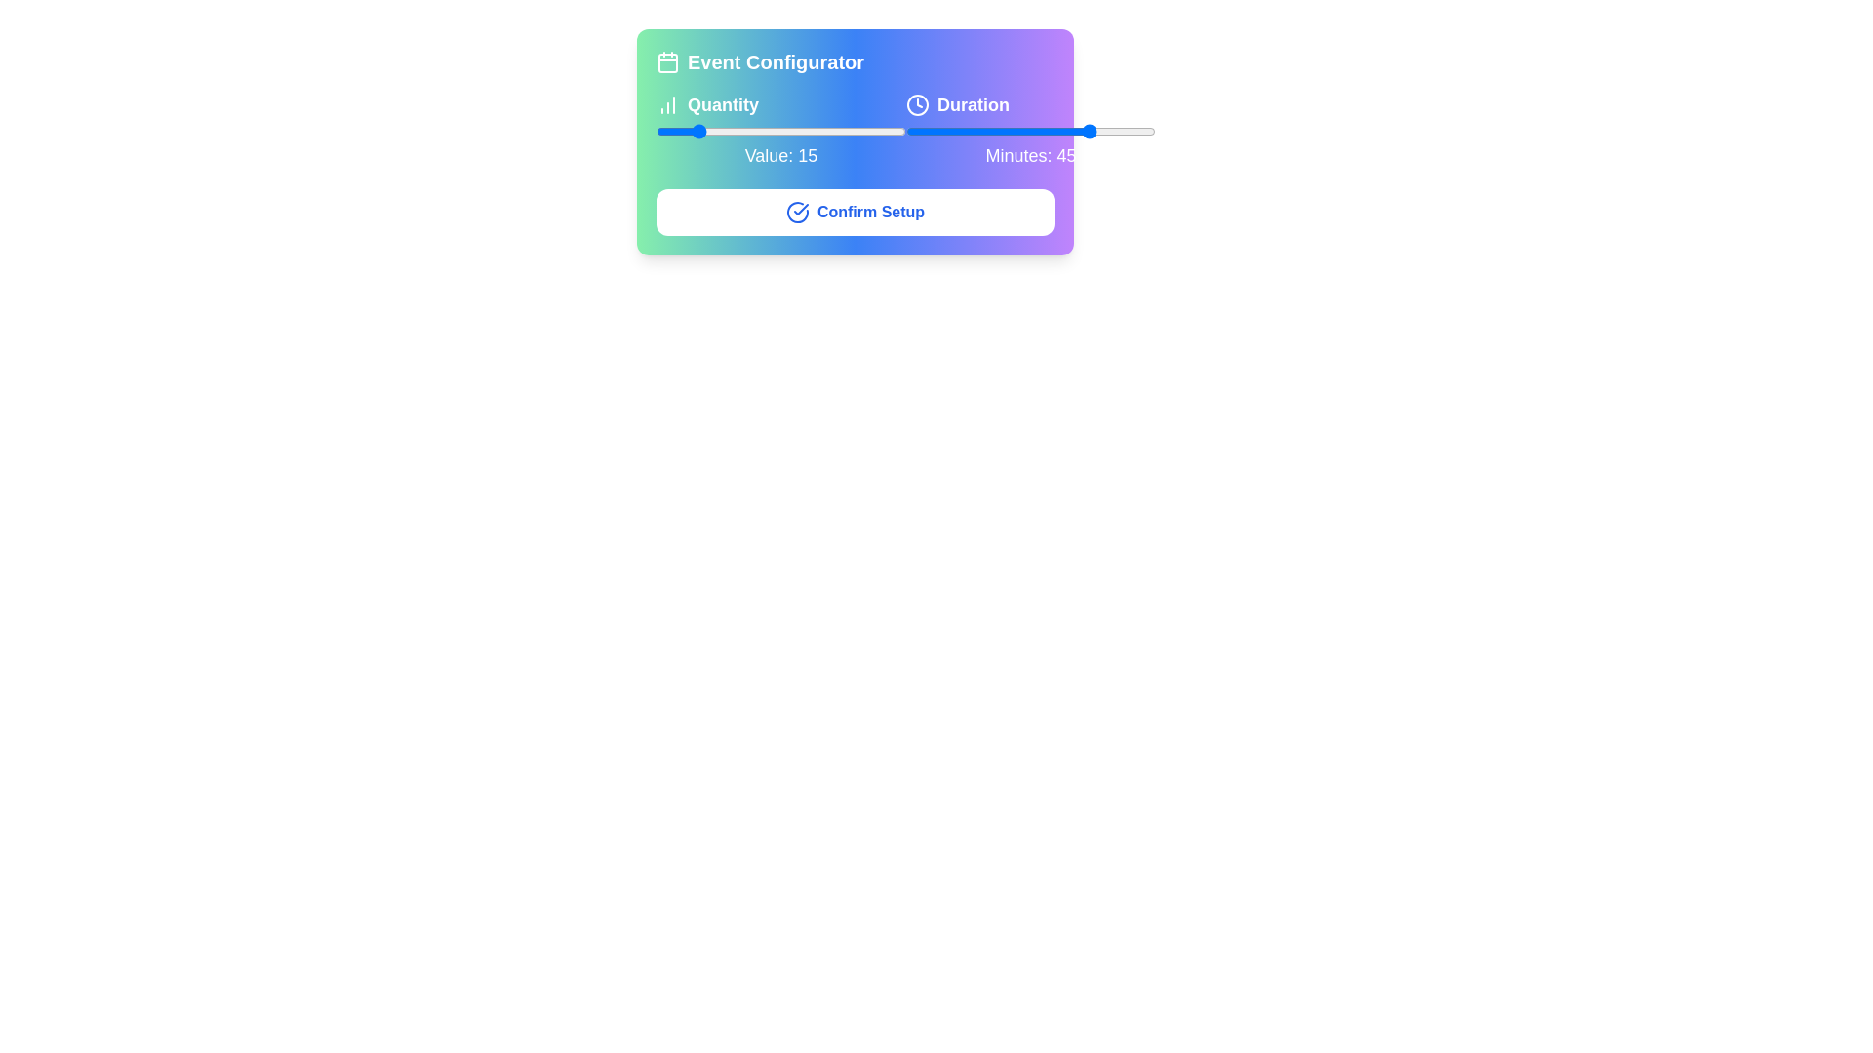  I want to click on duration, so click(1114, 132).